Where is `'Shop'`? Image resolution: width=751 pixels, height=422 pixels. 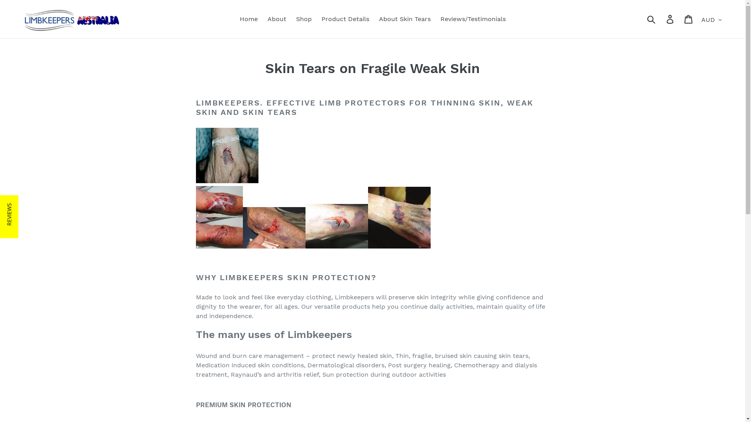
'Shop' is located at coordinates (303, 19).